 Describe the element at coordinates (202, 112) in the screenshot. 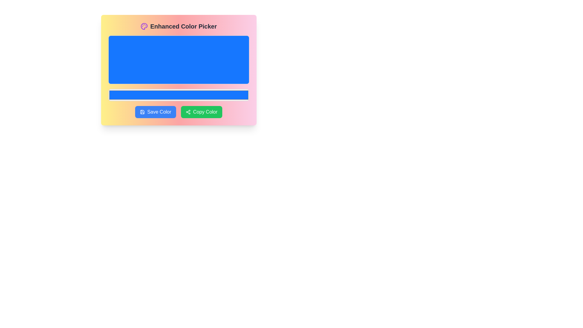

I see `the 'Copy Color' button located at the bottom-right of the color picker interface to provide interaction feedback` at that location.